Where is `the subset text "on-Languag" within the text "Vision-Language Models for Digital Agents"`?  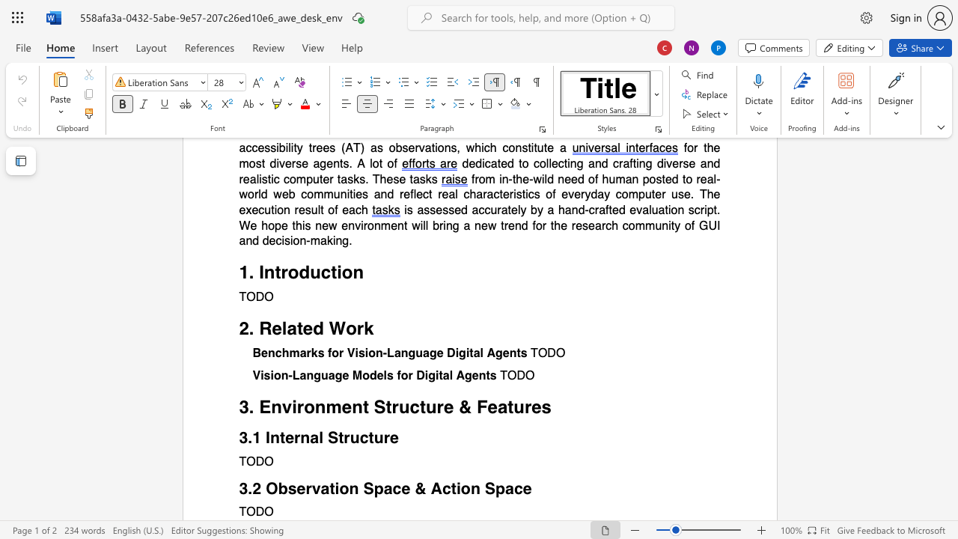 the subset text "on-Languag" within the text "Vision-Language Models for Digital Agents" is located at coordinates (273, 375).